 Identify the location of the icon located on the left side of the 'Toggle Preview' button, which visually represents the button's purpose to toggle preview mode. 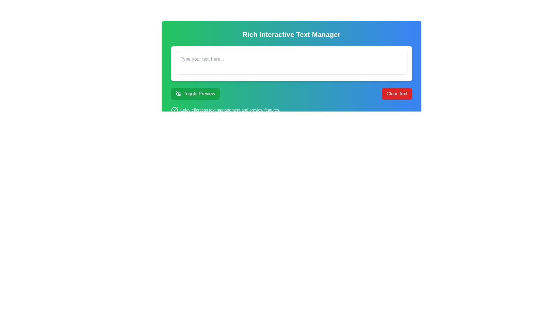
(178, 93).